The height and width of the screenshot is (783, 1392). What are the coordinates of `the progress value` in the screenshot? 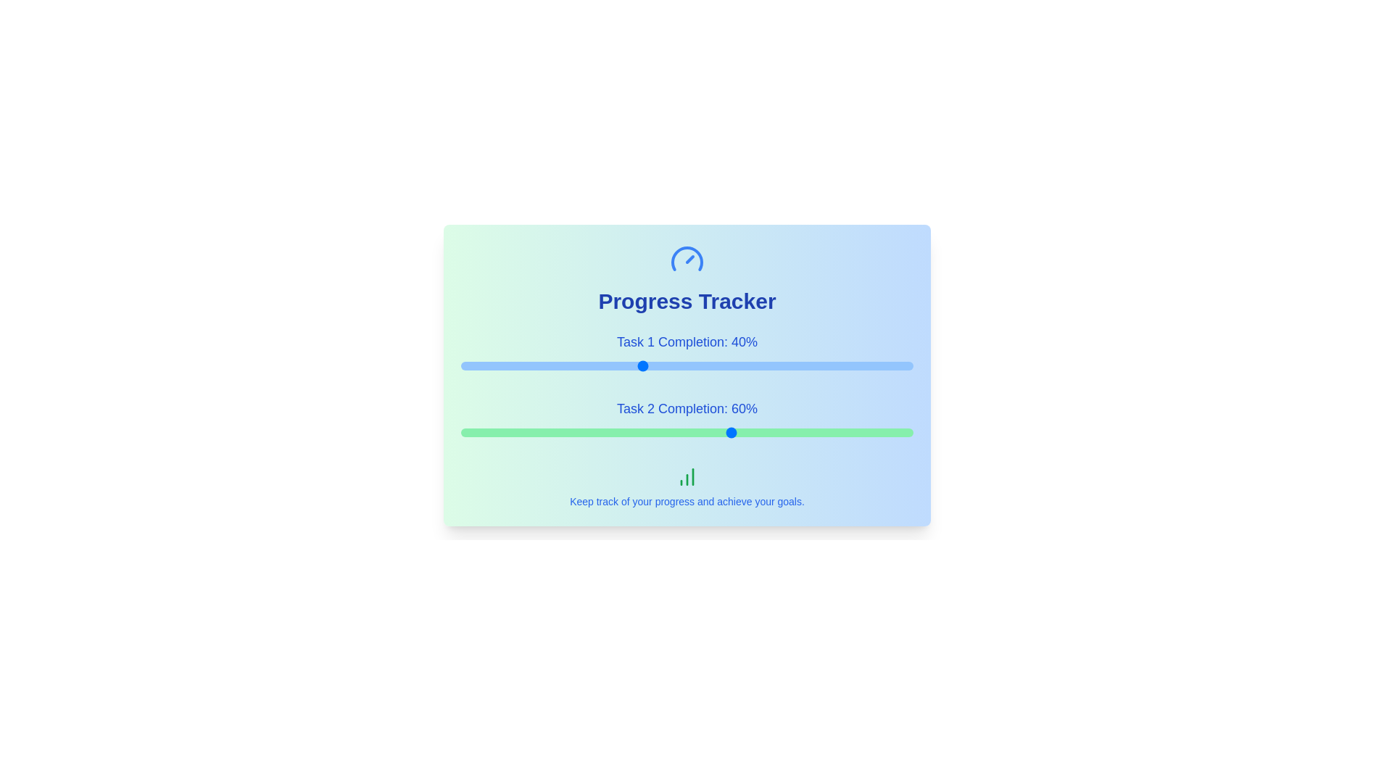 It's located at (894, 365).